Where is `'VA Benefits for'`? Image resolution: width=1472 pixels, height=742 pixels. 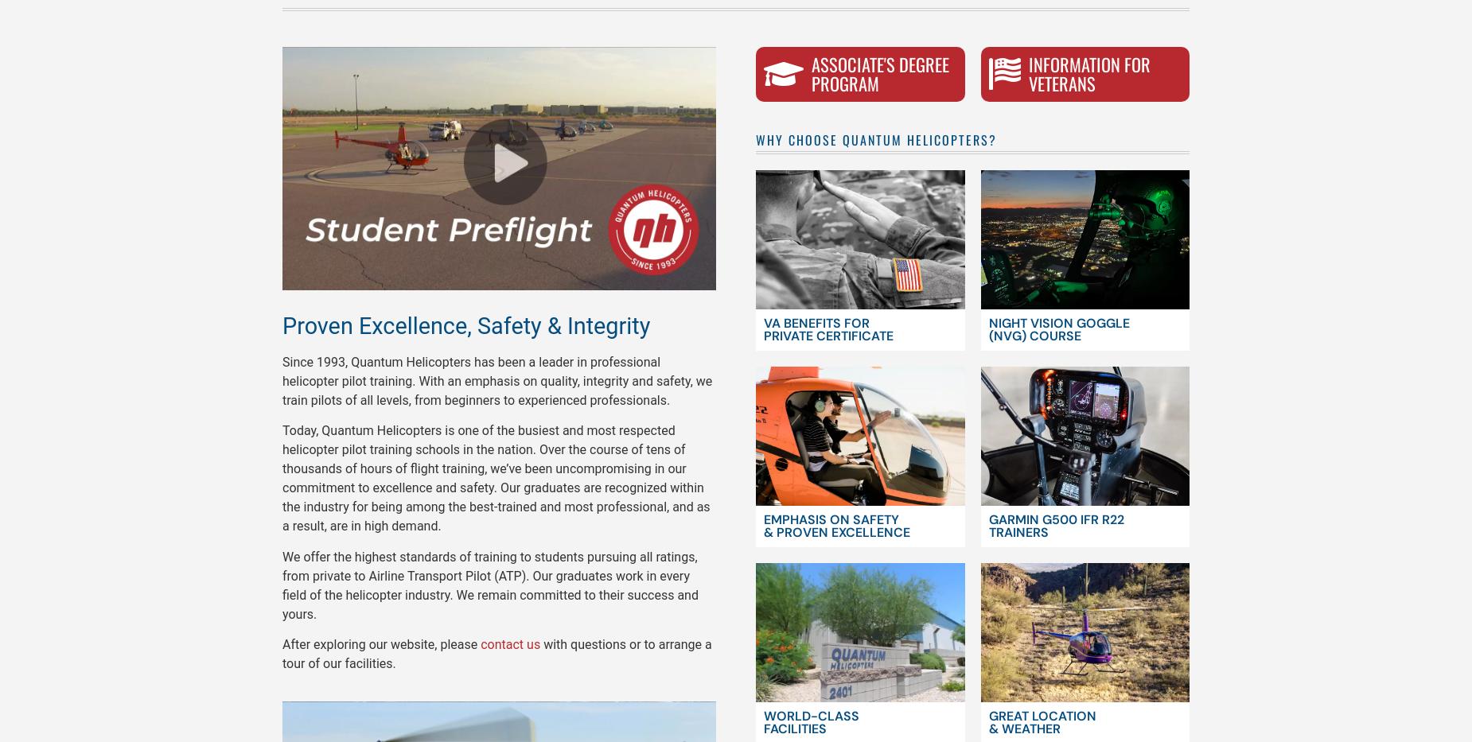 'VA Benefits for' is located at coordinates (762, 323).